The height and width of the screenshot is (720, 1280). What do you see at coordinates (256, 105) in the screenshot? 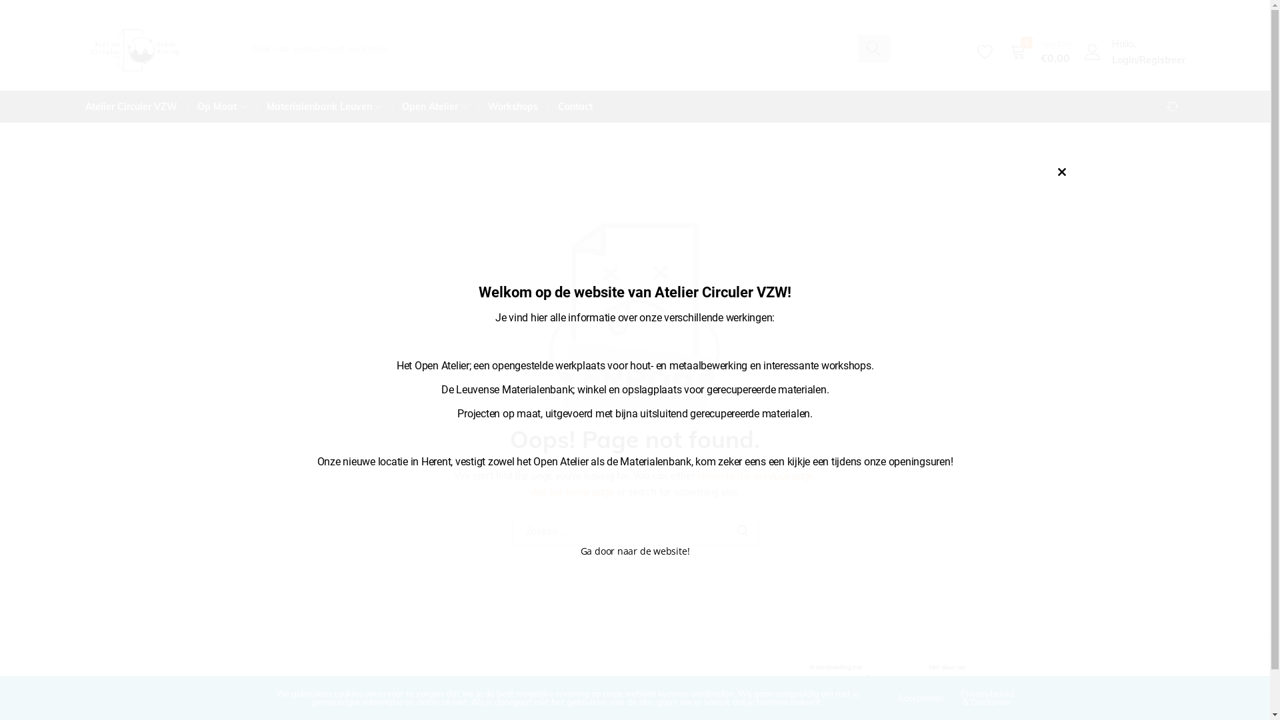
I see `'Materialenbank Leuven'` at bounding box center [256, 105].